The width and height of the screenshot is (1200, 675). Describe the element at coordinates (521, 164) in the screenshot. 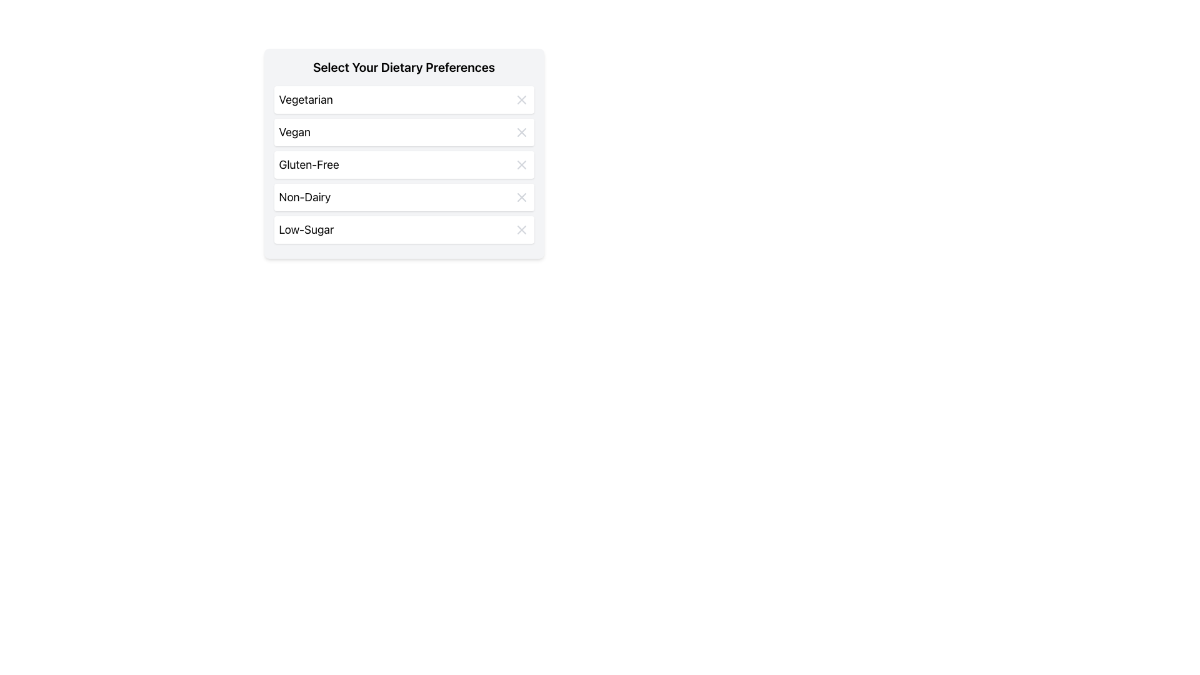

I see `the deletion icon button for the 'Gluten-Free' dietary preference in the 'Select Your Dietary Preferences' list` at that location.